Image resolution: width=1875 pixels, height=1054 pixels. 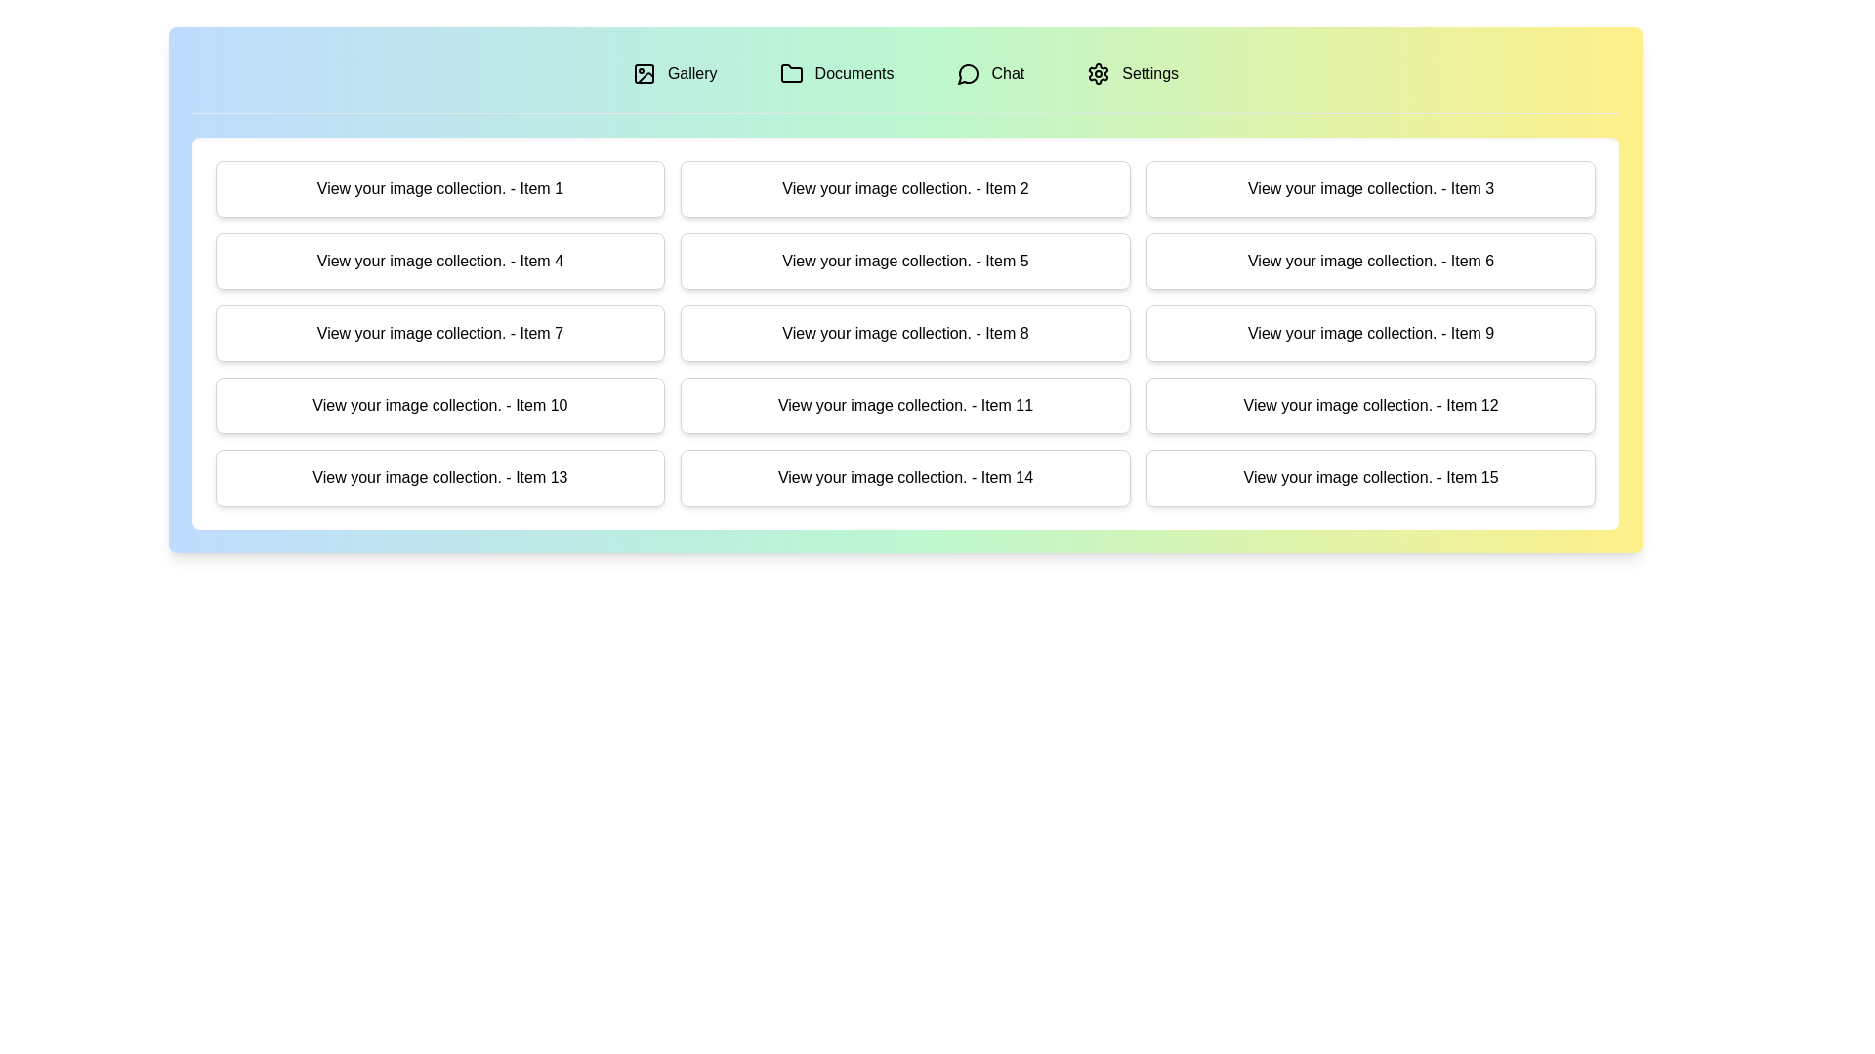 What do you see at coordinates (1133, 73) in the screenshot?
I see `the tab labeled Settings to switch to the corresponding section` at bounding box center [1133, 73].